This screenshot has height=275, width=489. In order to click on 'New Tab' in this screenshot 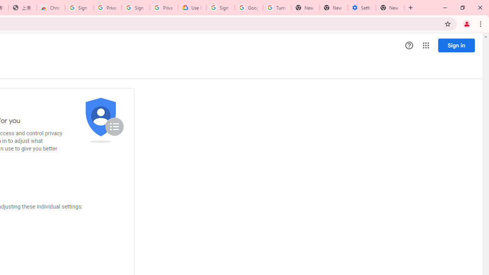, I will do `click(390, 8)`.